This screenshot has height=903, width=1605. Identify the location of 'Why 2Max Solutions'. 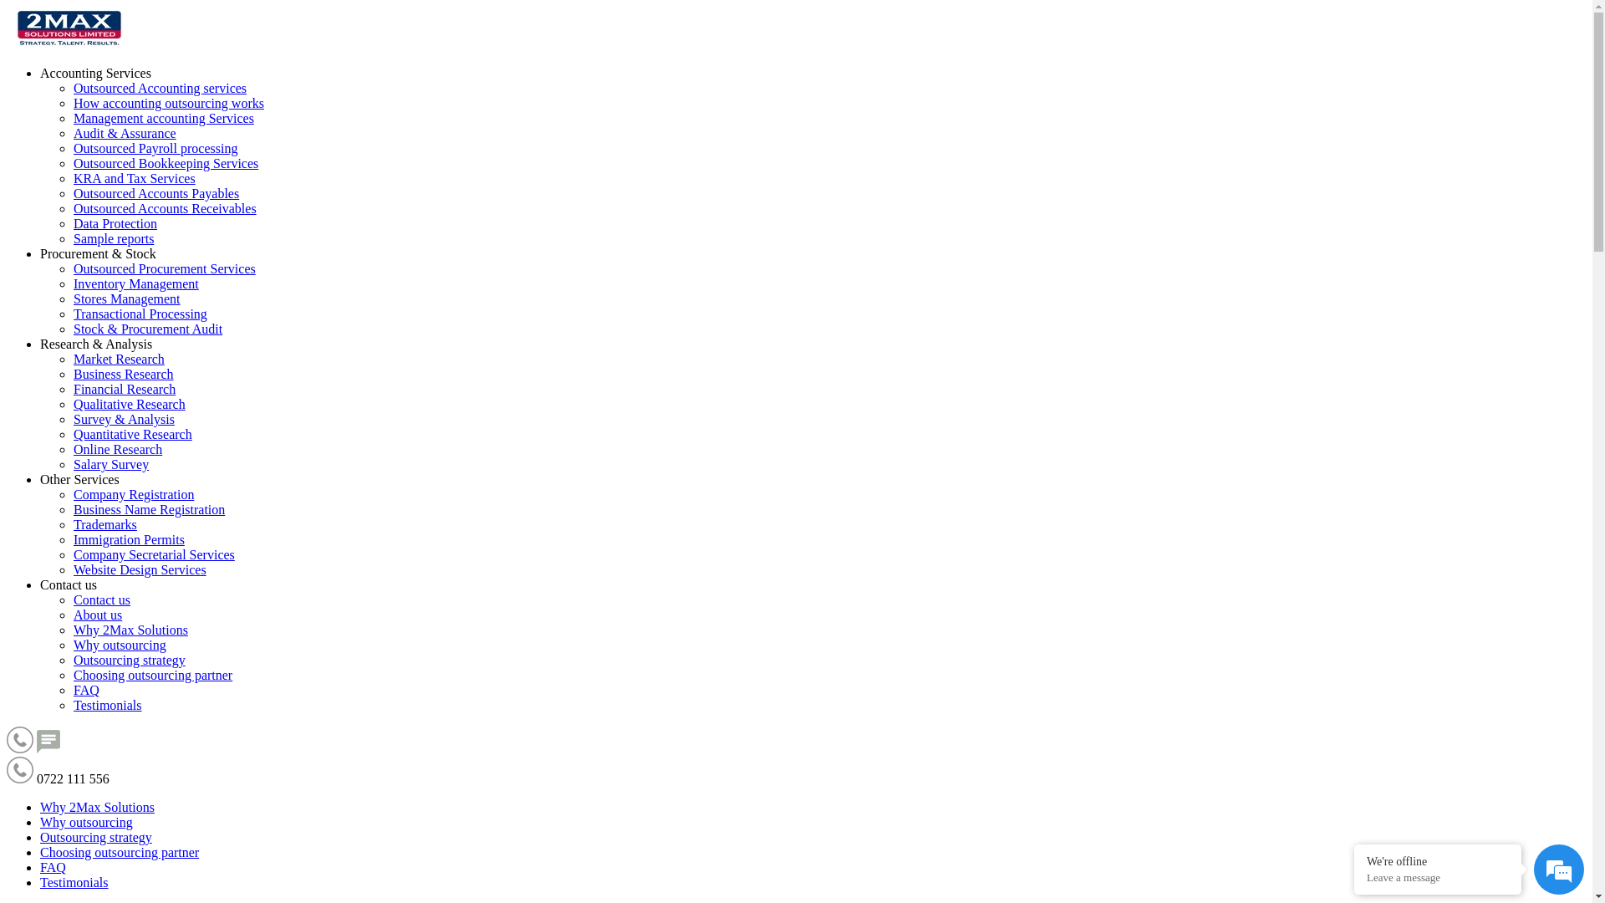
(96, 806).